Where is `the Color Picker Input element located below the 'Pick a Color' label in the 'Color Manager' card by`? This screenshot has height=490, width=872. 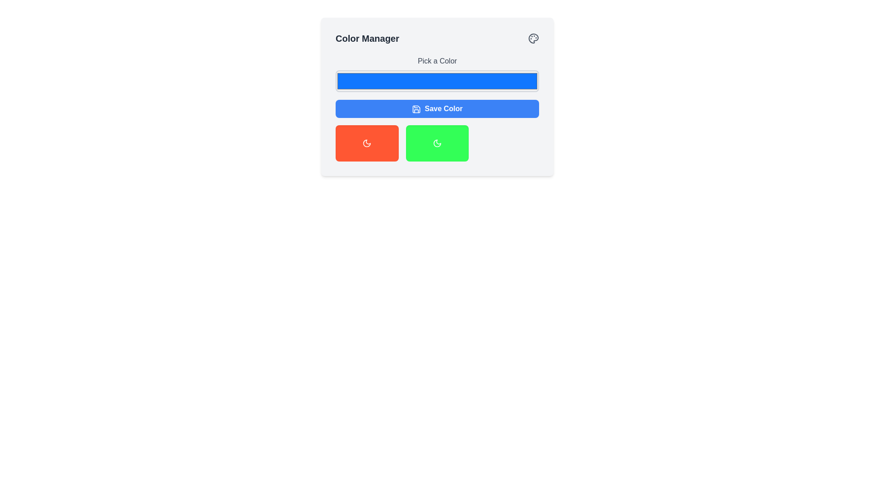
the Color Picker Input element located below the 'Pick a Color' label in the 'Color Manager' card by is located at coordinates (437, 73).